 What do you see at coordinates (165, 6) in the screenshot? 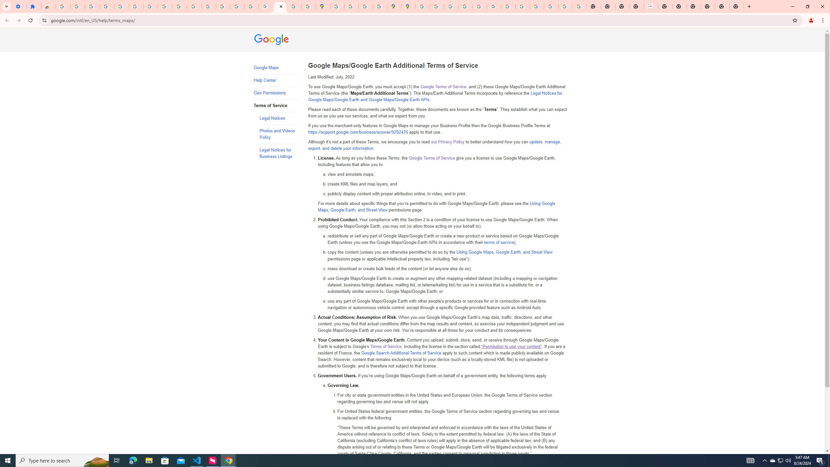
I see `'Google Account'` at bounding box center [165, 6].